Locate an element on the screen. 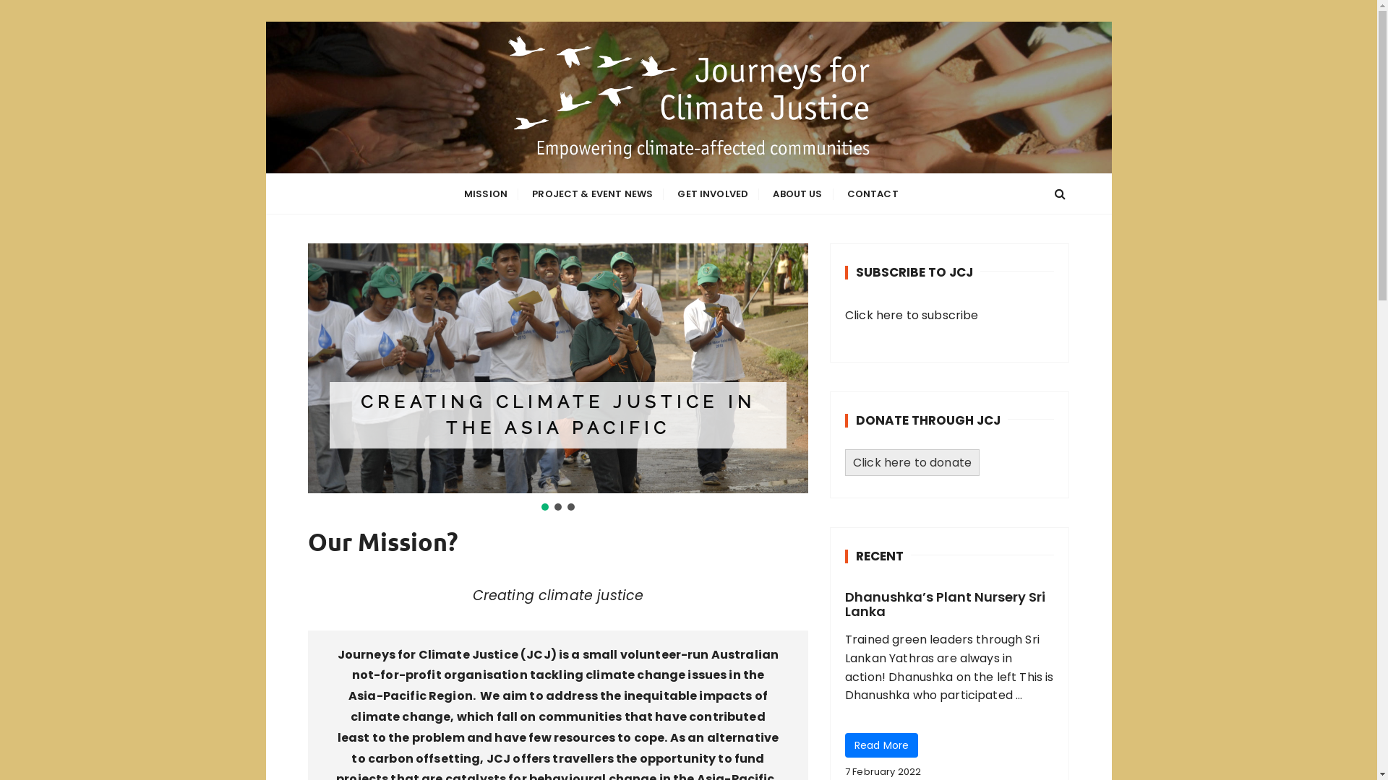 The image size is (1388, 780). 'GET INVOLVED' is located at coordinates (665, 193).